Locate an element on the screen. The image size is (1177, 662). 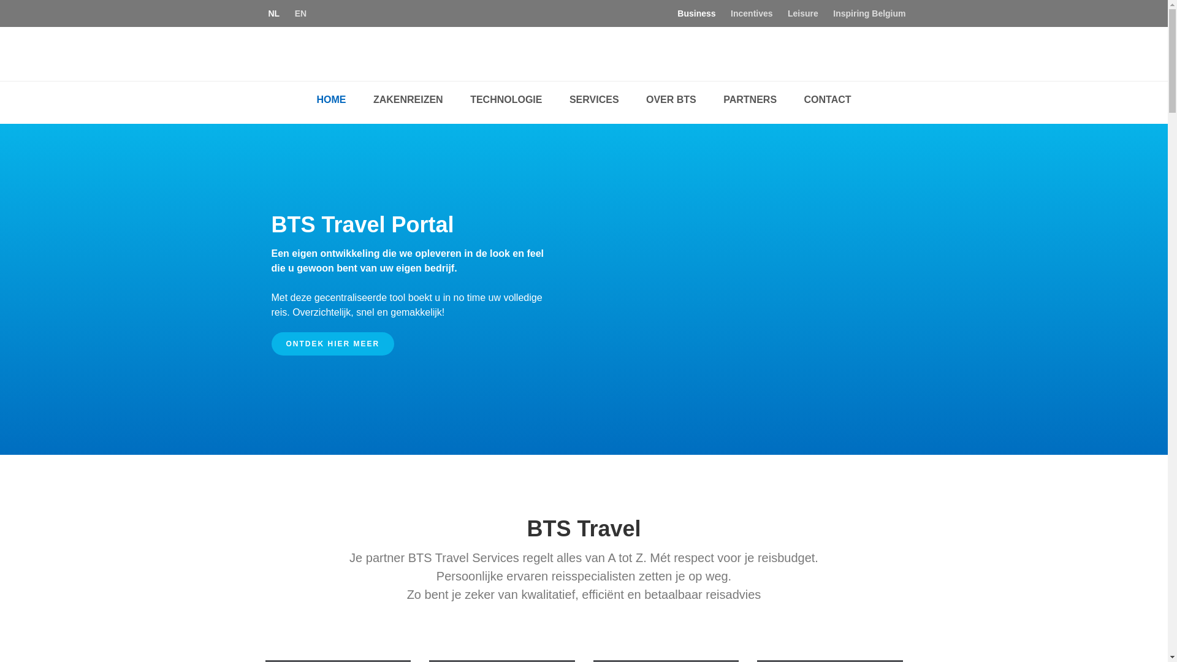
'EN' is located at coordinates (300, 13).